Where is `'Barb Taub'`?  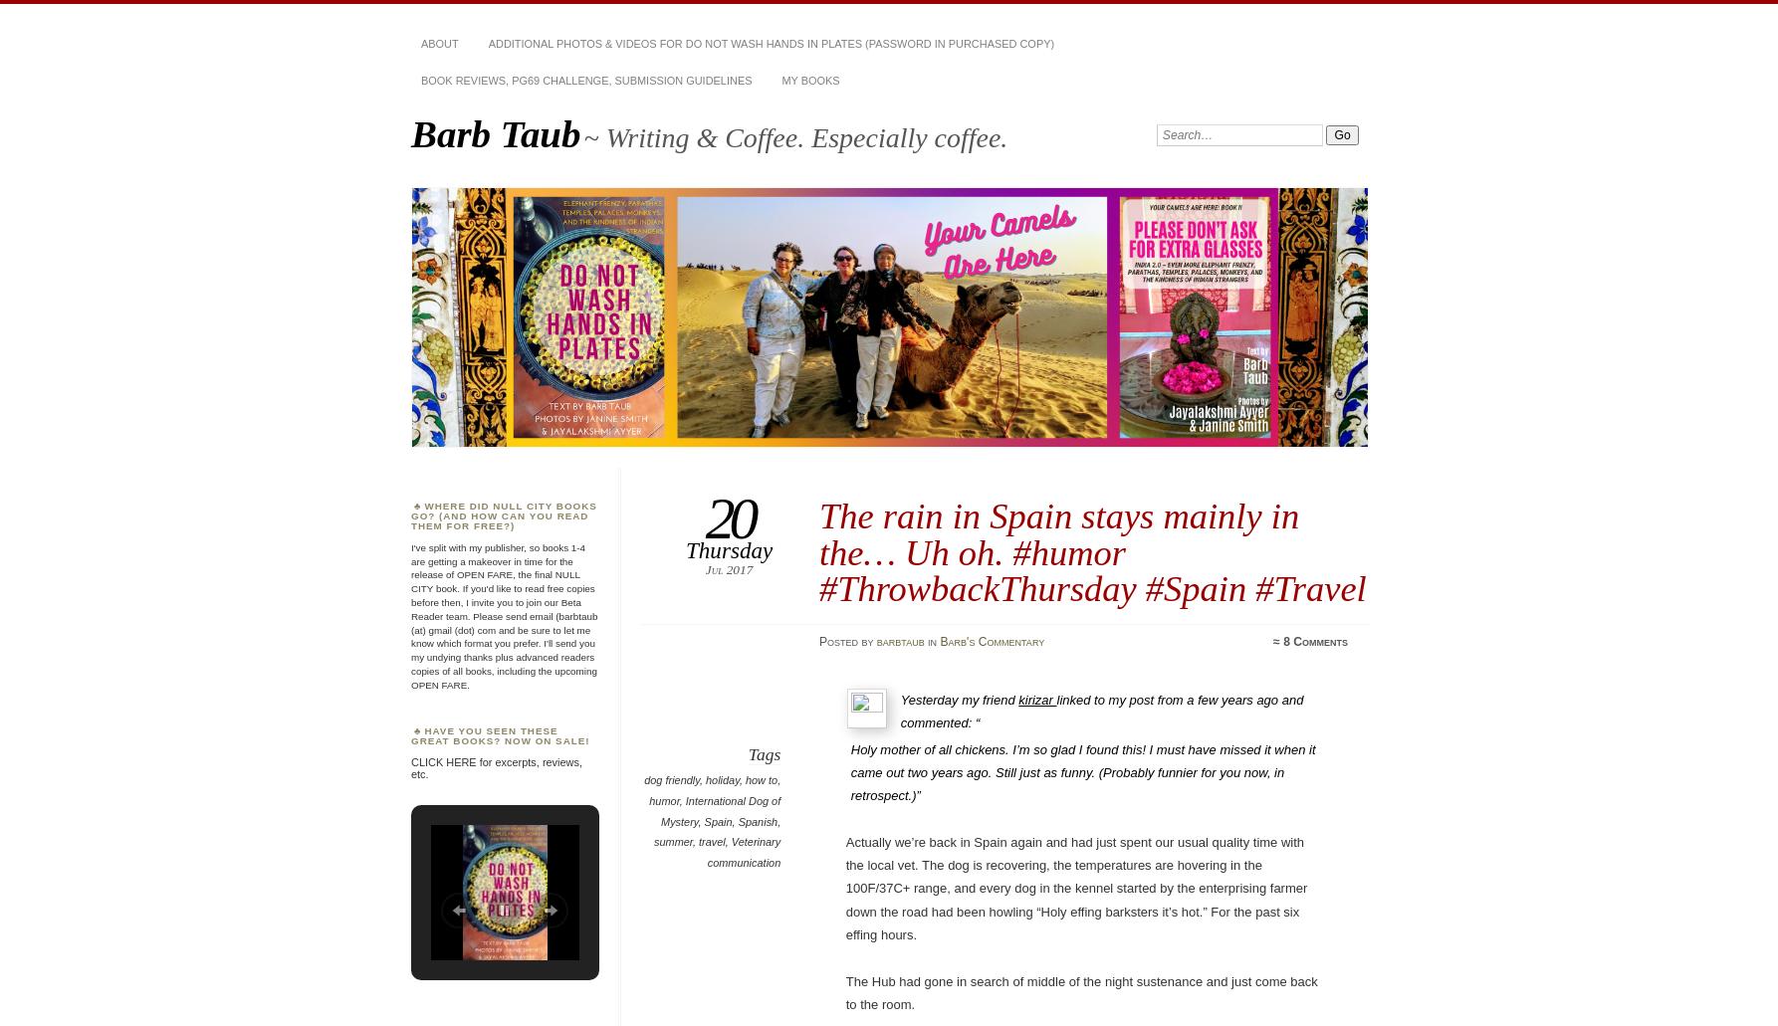
'Barb Taub' is located at coordinates (494, 132).